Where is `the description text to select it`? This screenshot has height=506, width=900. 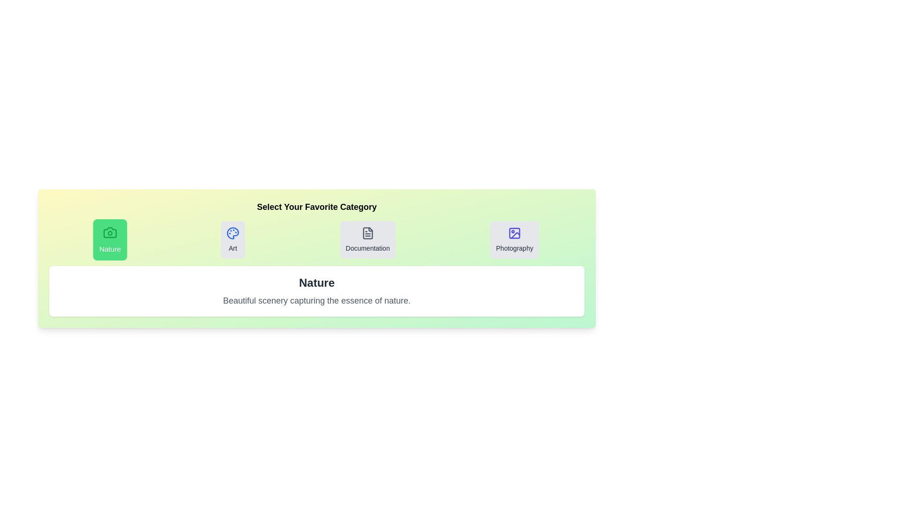 the description text to select it is located at coordinates (317, 300).